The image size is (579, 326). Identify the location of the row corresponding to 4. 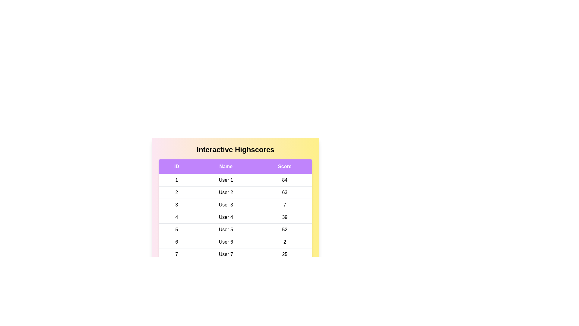
(235, 217).